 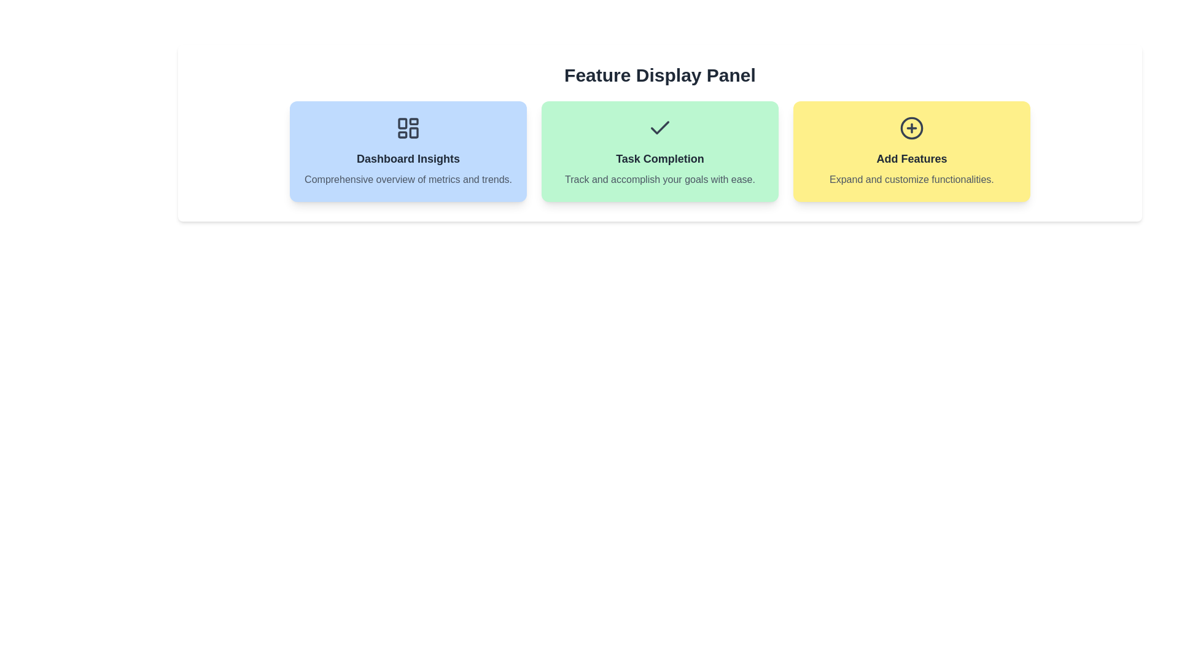 I want to click on the 'Add Features' text element, which is displayed in bold, sans-serif font on a yellow background, located on the far right of a three-card arrangement, so click(x=911, y=158).